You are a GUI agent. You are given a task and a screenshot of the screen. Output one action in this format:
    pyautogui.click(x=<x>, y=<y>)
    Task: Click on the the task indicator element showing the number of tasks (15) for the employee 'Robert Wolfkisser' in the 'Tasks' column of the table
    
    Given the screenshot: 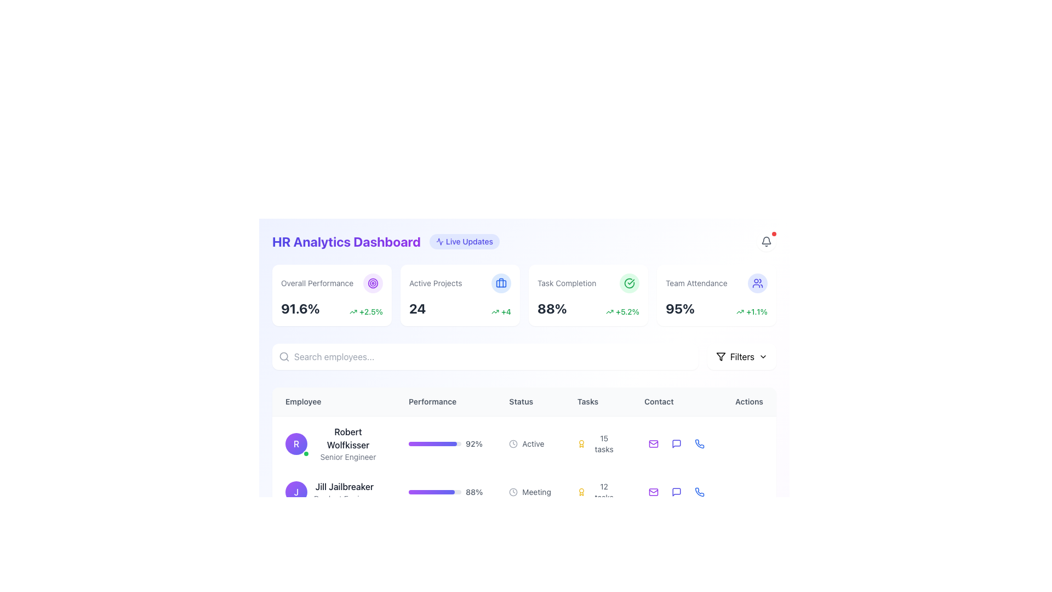 What is the action you would take?
    pyautogui.click(x=597, y=443)
    